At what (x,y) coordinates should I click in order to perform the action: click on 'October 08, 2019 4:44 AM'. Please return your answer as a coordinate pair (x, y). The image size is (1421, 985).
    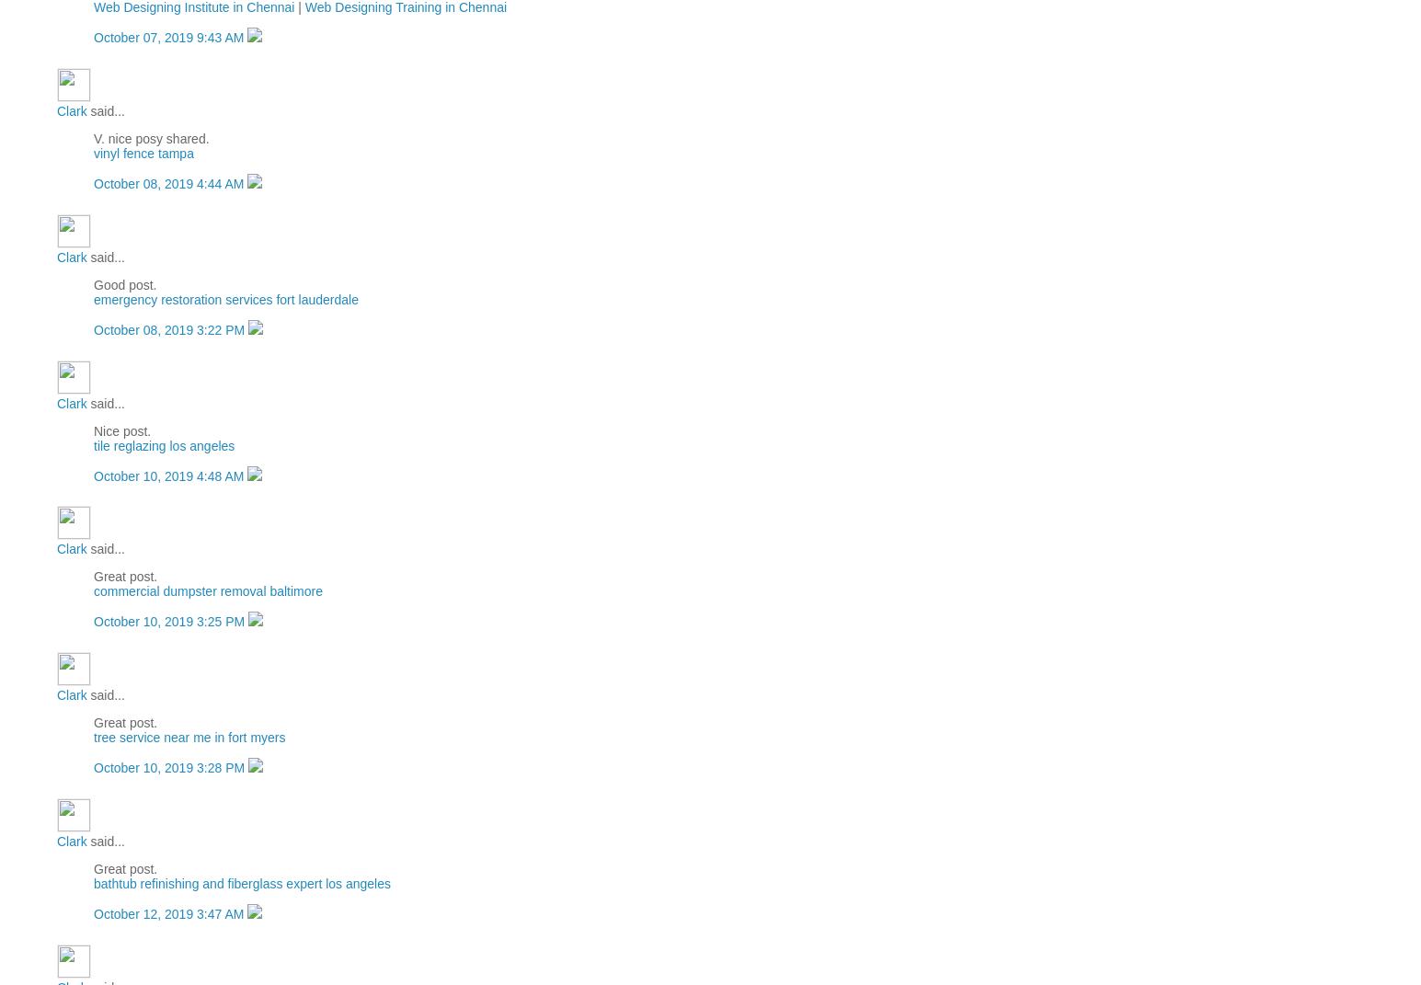
    Looking at the image, I should click on (170, 181).